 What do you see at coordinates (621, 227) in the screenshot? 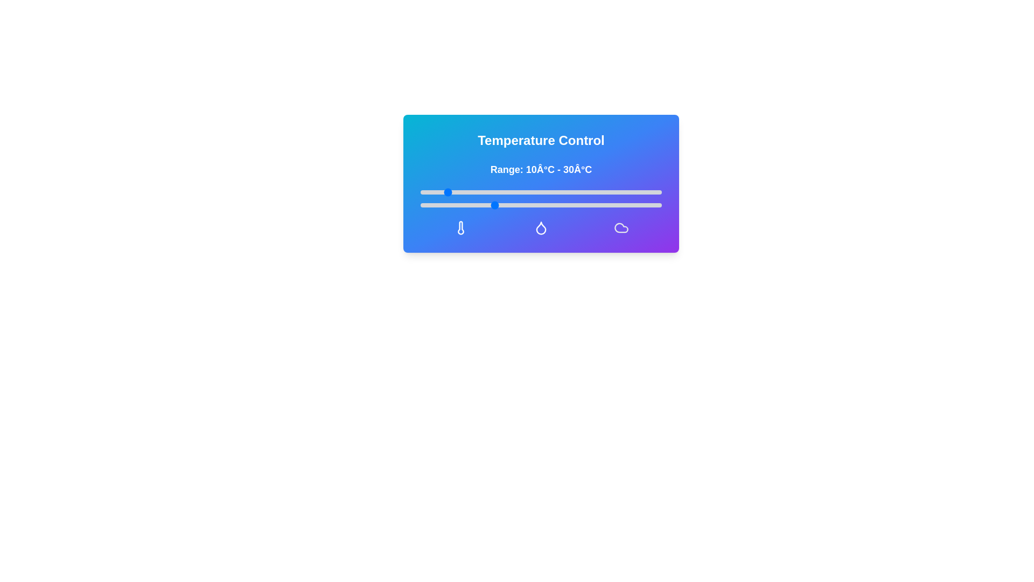
I see `the rightmost cloud outline icon in the bottom row of icons within the 'Temperature Control' card, which is gray in color and has a lightweight design` at bounding box center [621, 227].